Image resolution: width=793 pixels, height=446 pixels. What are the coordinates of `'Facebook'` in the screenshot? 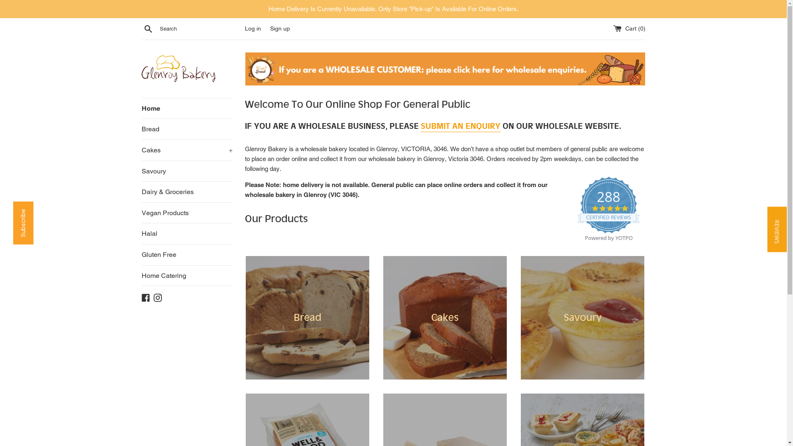 It's located at (141, 297).